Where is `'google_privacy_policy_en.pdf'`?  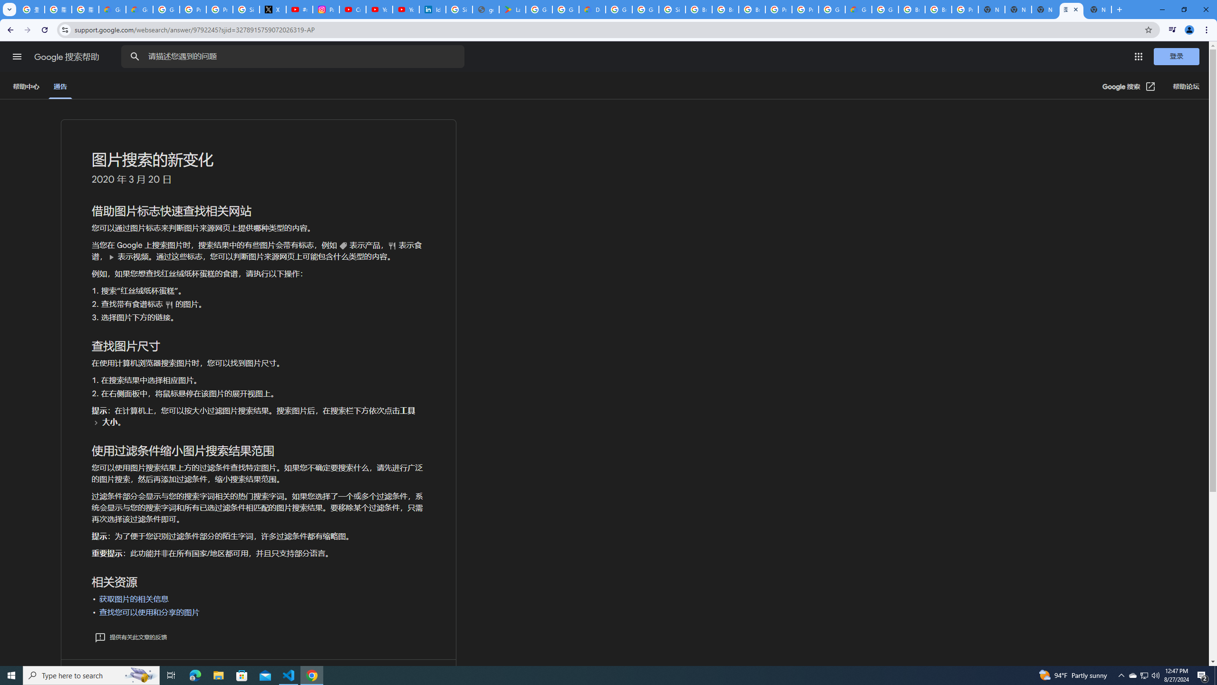 'google_privacy_policy_en.pdf' is located at coordinates (486, 9).